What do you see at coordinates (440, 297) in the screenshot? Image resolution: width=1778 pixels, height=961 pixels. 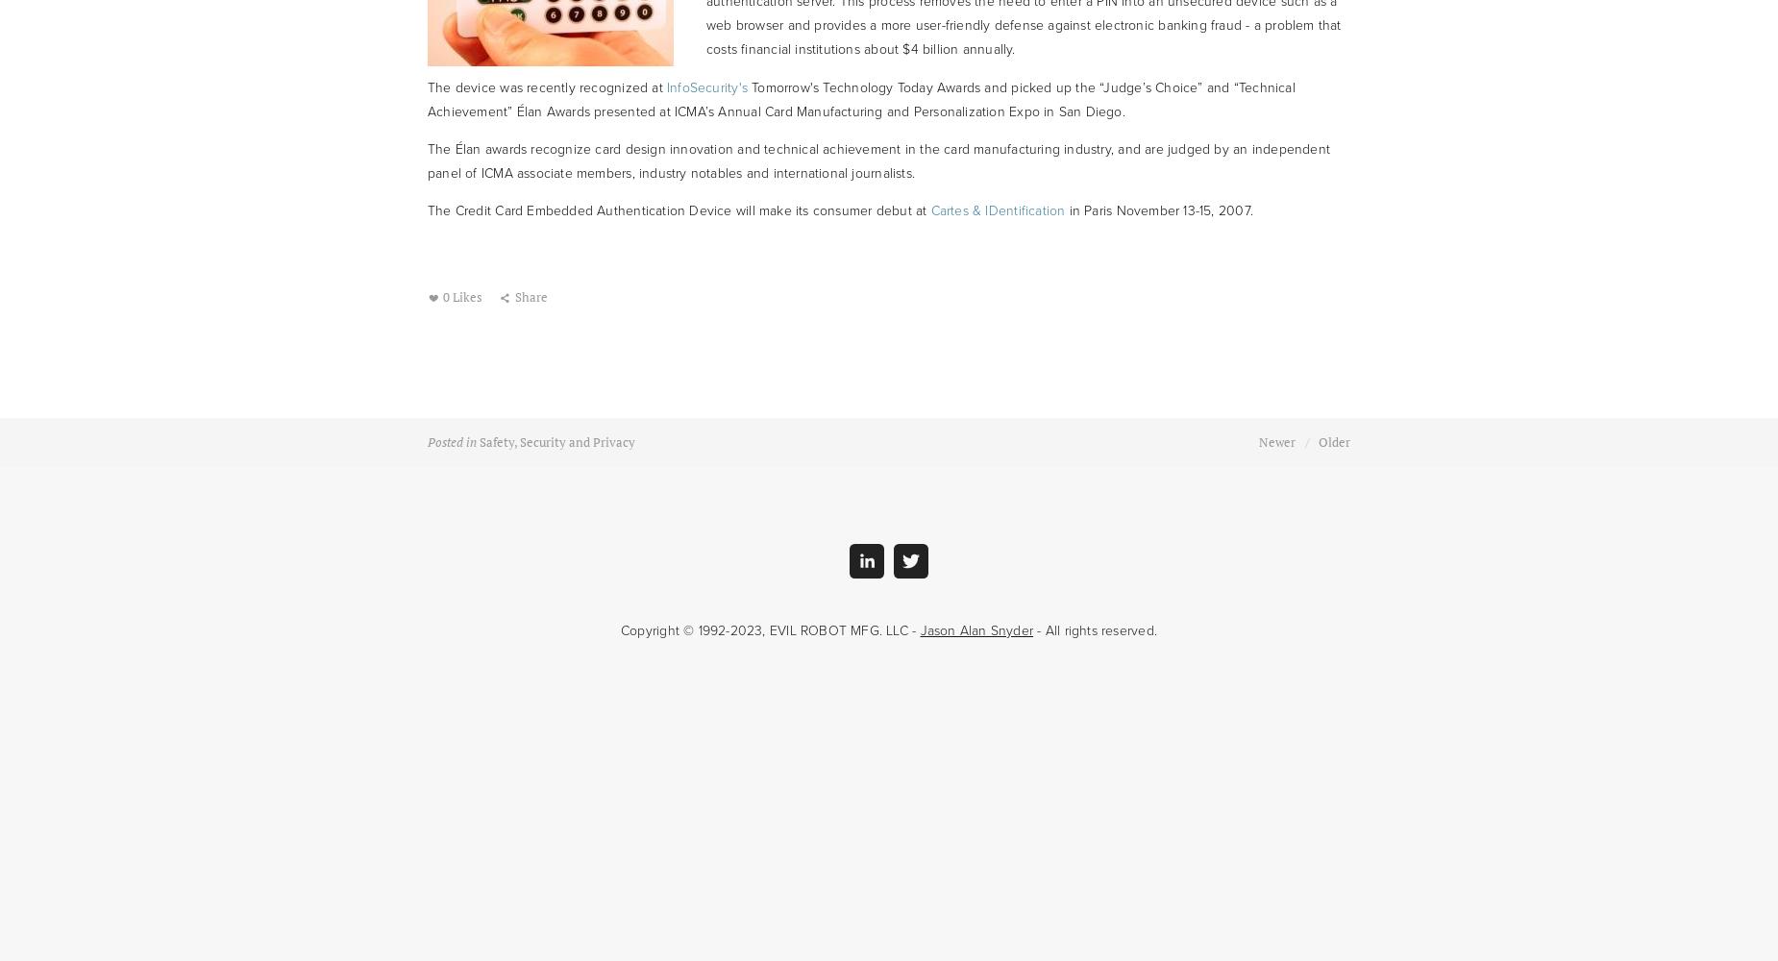 I see `'0 Likes'` at bounding box center [440, 297].